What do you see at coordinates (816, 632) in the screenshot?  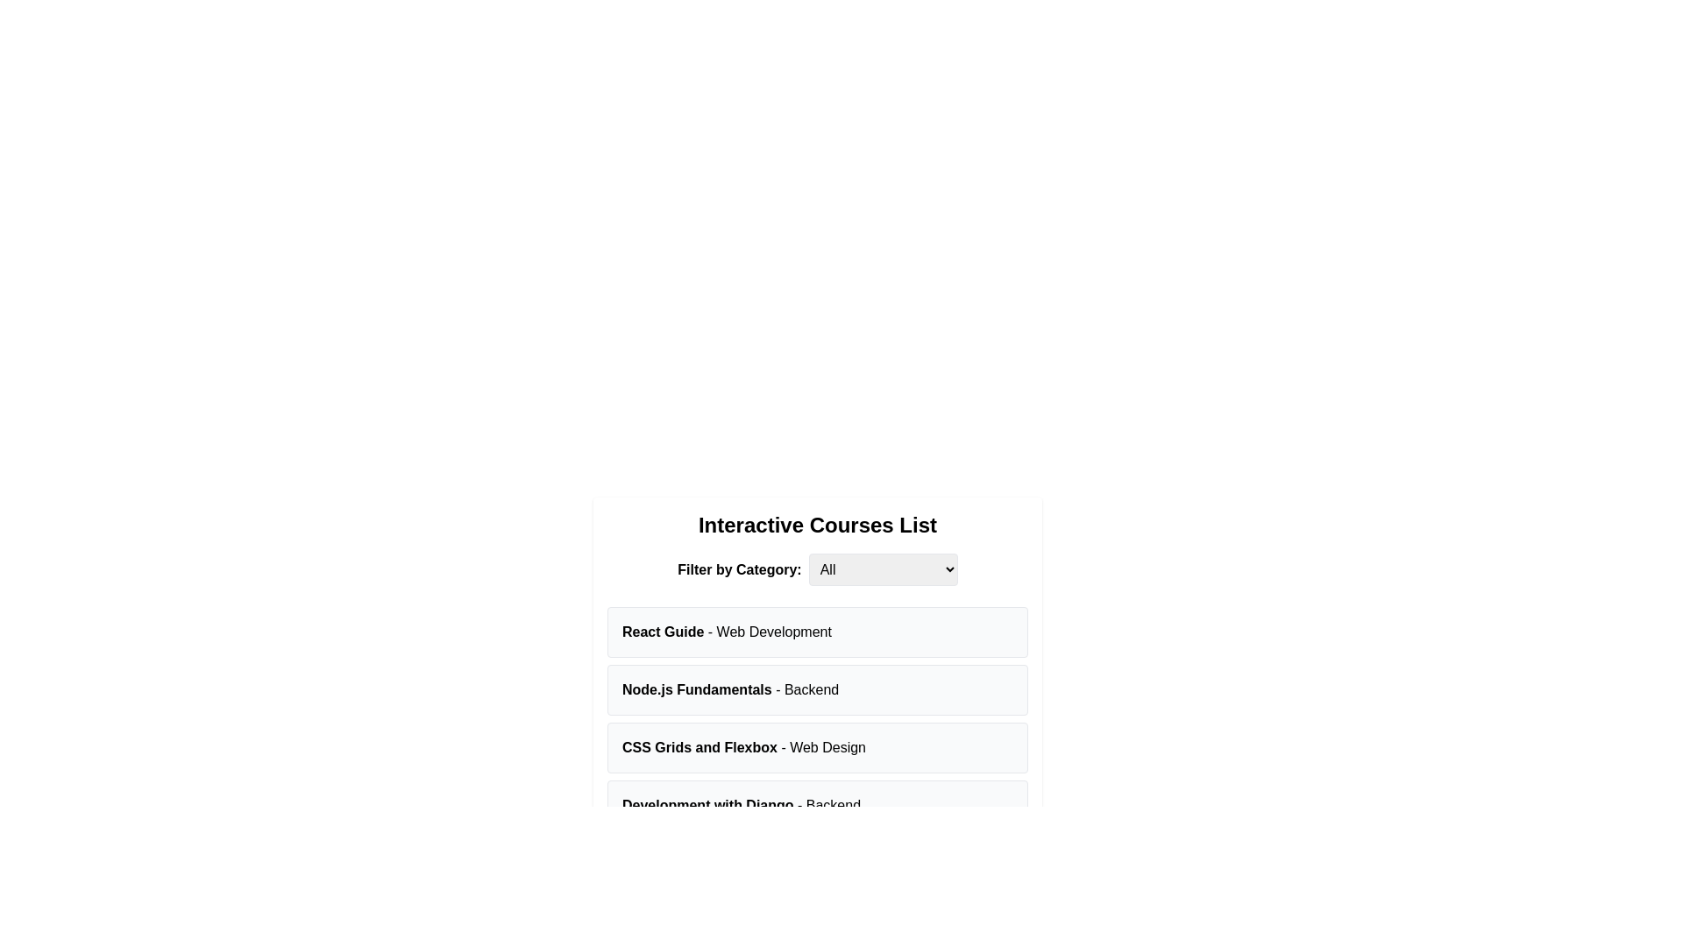 I see `the first list item representing the course titled 'React Guide - Web Development' to change its background color` at bounding box center [816, 632].